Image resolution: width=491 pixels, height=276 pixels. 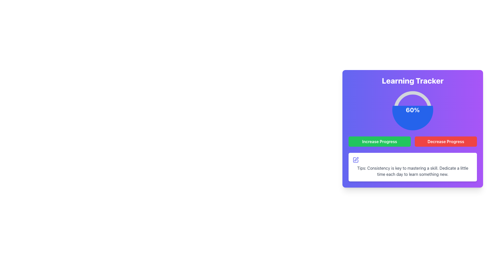 What do you see at coordinates (355, 159) in the screenshot?
I see `the small, square-shaped icon with a pen or editing tool in its center, which is located at the leftmost side of a rectangular text box containing tips about consistency in learning, to initiate editing` at bounding box center [355, 159].